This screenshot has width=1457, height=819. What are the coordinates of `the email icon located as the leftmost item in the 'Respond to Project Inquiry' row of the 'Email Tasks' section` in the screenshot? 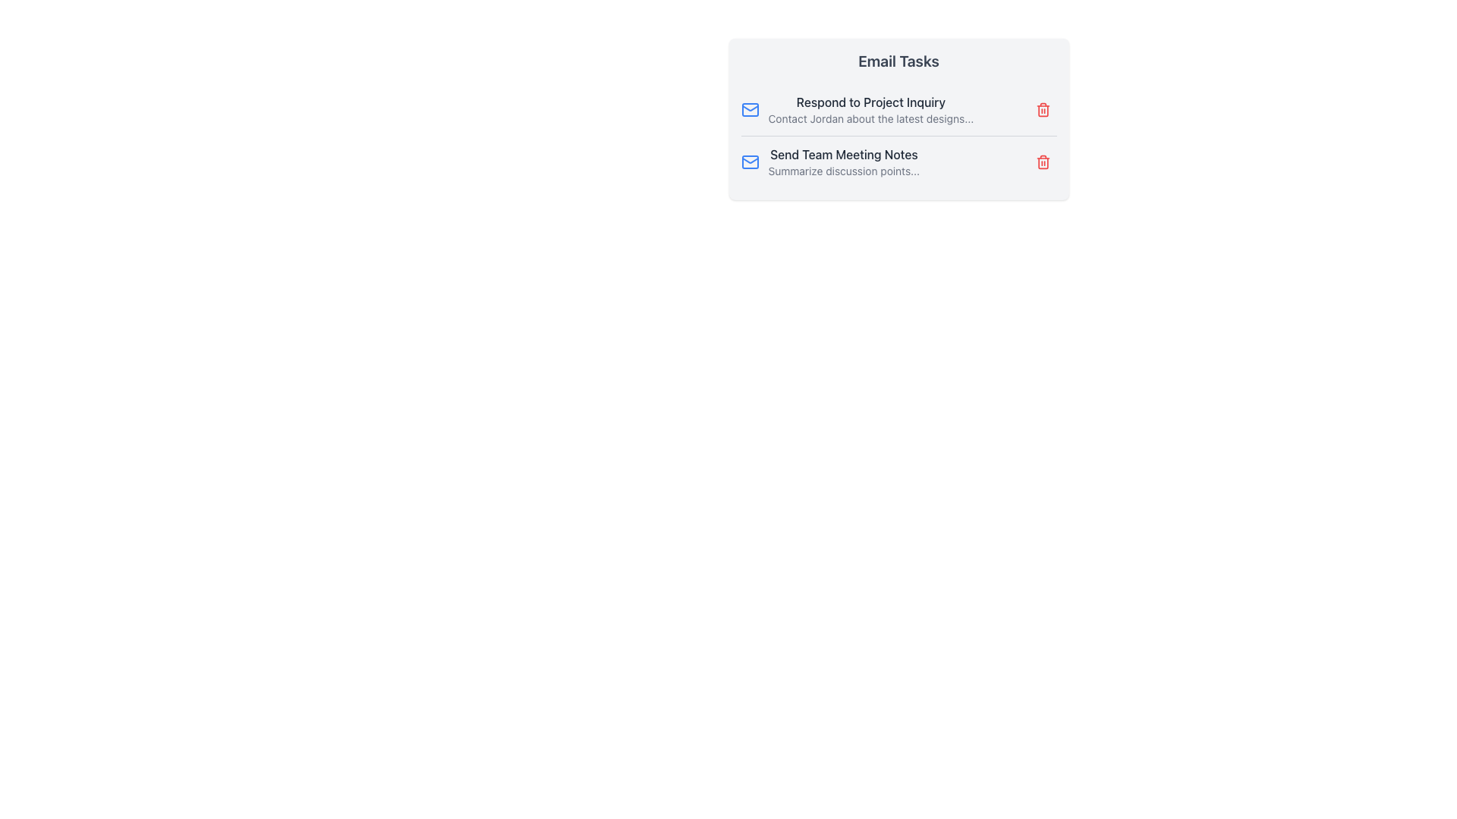 It's located at (750, 109).